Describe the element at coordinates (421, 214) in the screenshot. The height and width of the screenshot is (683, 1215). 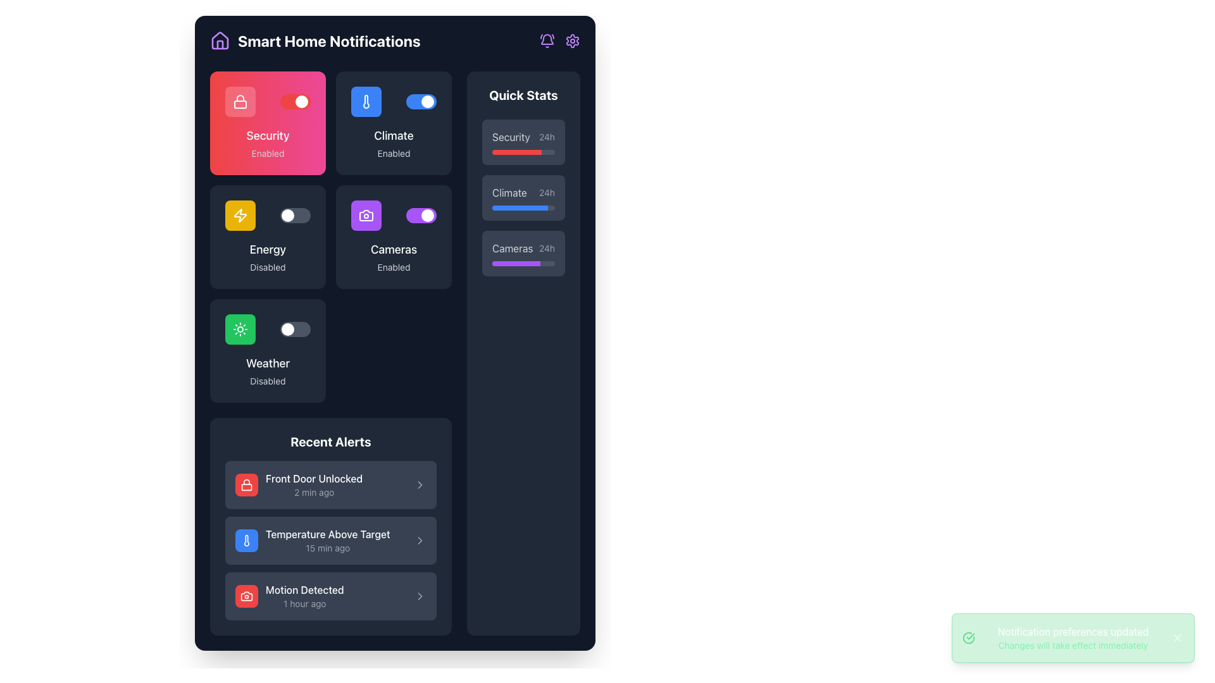
I see `the toggle switch located in the 'Cameras Enabled' section of the smart home notifications interface to change its state` at that location.